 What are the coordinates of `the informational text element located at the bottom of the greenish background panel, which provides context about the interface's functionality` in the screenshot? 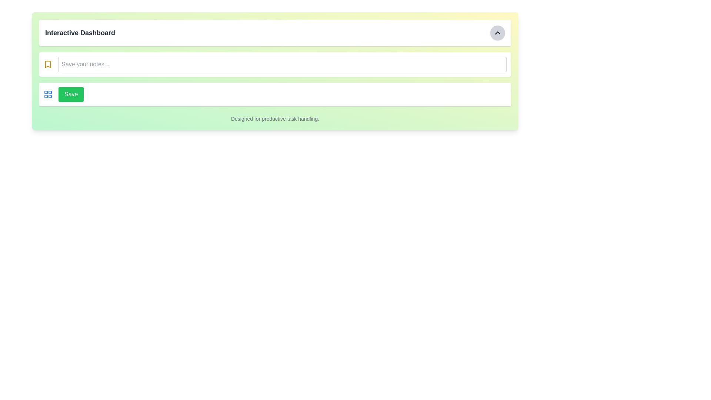 It's located at (275, 118).